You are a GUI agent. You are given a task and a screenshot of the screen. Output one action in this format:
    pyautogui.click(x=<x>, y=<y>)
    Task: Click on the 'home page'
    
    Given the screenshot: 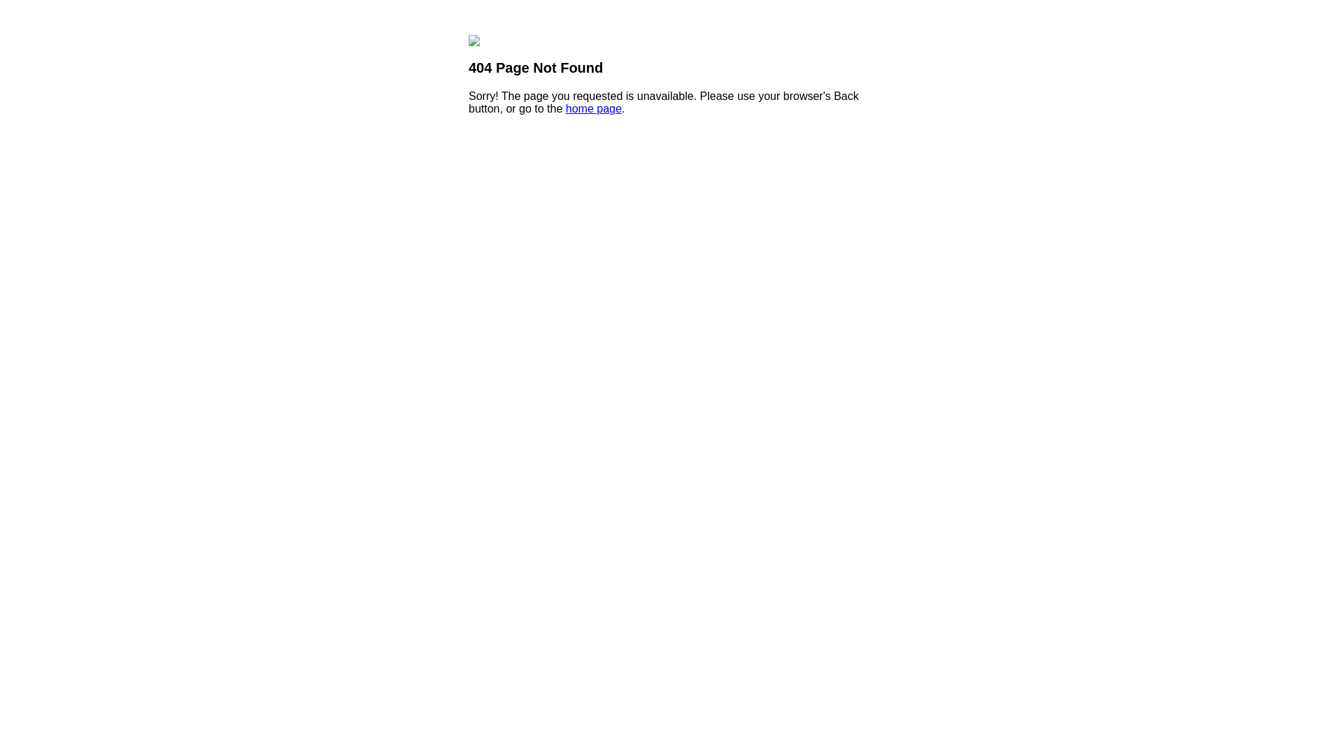 What is the action you would take?
    pyautogui.click(x=566, y=108)
    